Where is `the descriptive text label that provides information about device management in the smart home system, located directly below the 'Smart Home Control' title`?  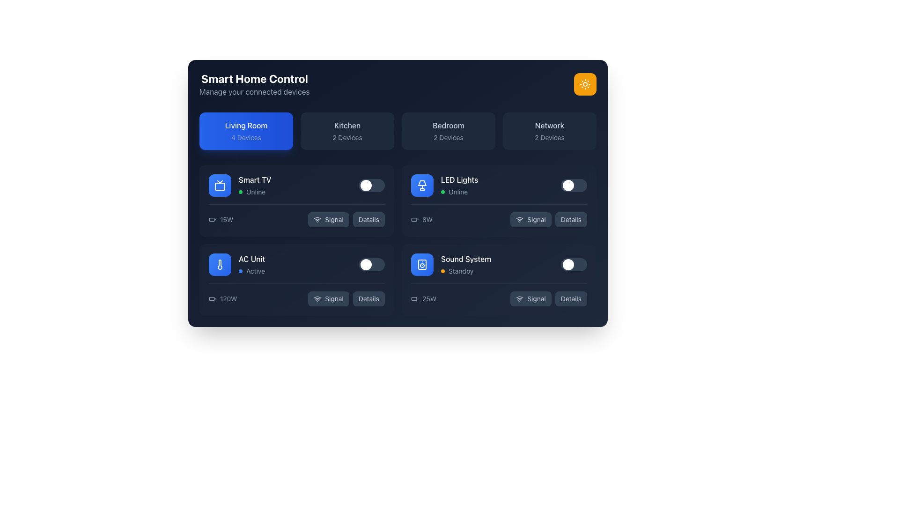
the descriptive text label that provides information about device management in the smart home system, located directly below the 'Smart Home Control' title is located at coordinates (254, 92).